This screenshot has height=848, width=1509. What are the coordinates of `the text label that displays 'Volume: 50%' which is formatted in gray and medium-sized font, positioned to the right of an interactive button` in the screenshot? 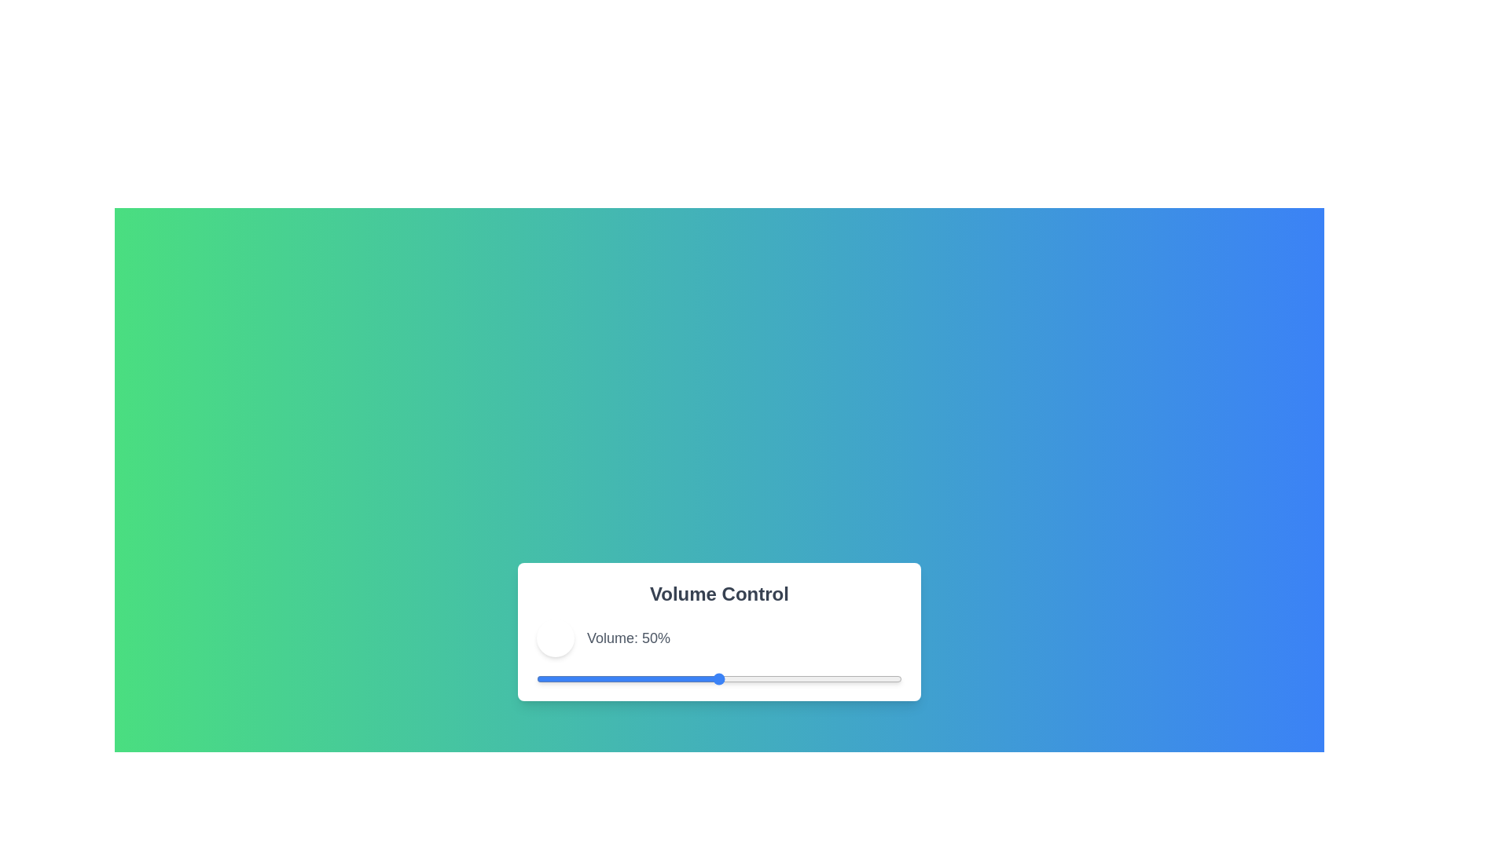 It's located at (629, 638).